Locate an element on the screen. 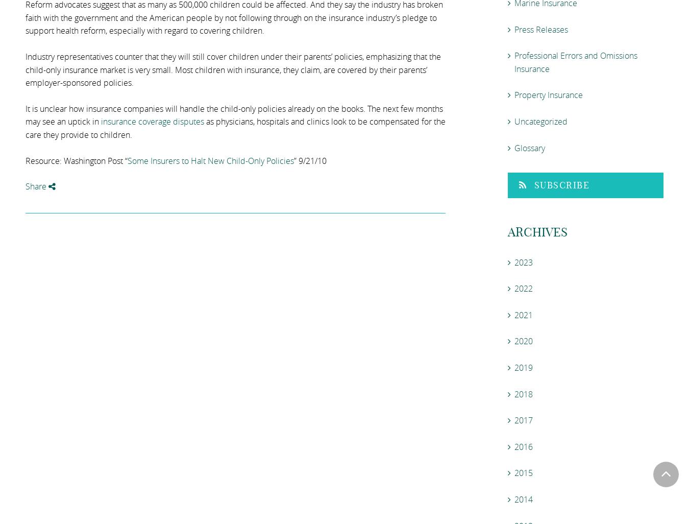  'Subscribe' is located at coordinates (561, 184).